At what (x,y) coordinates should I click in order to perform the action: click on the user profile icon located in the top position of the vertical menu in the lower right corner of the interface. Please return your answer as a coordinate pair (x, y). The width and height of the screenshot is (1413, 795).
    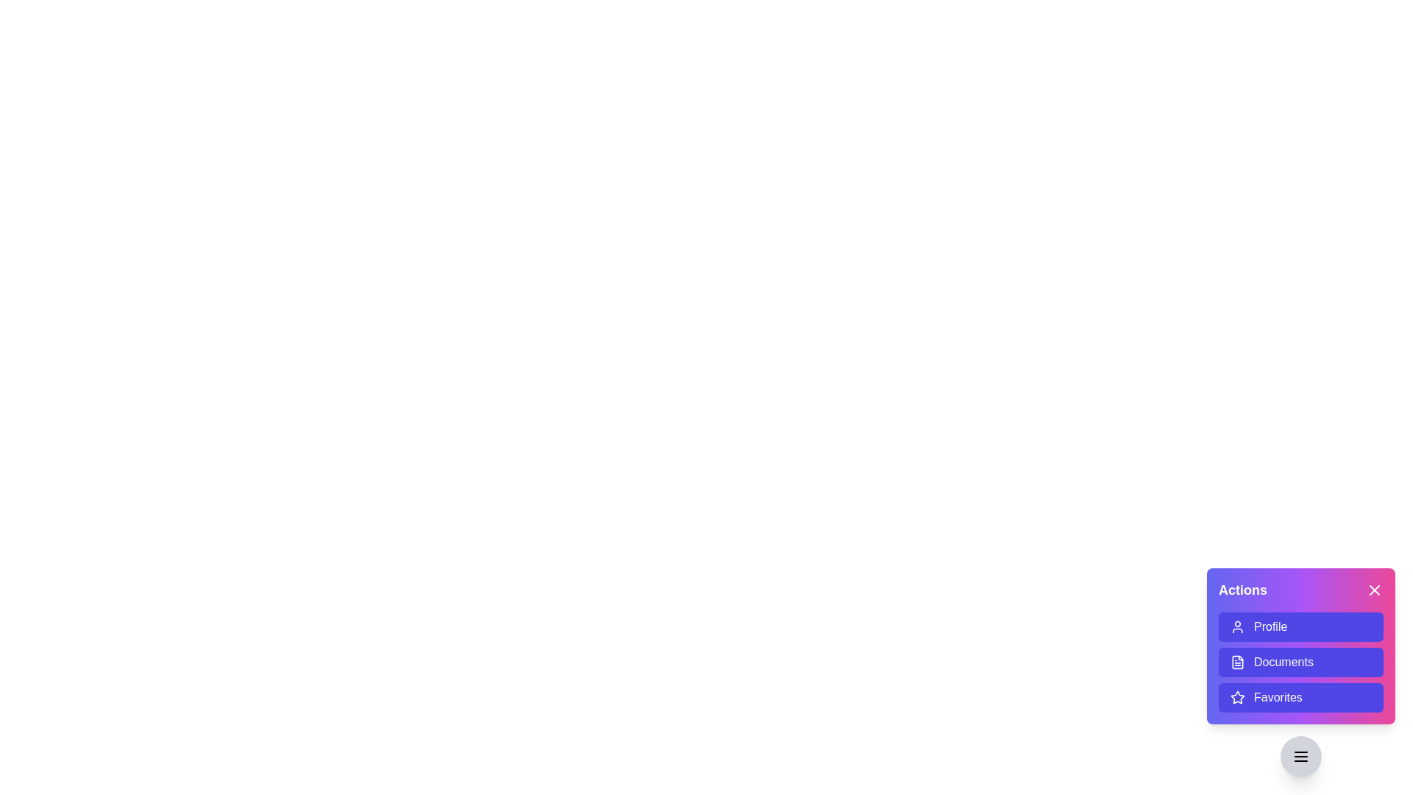
    Looking at the image, I should click on (1236, 627).